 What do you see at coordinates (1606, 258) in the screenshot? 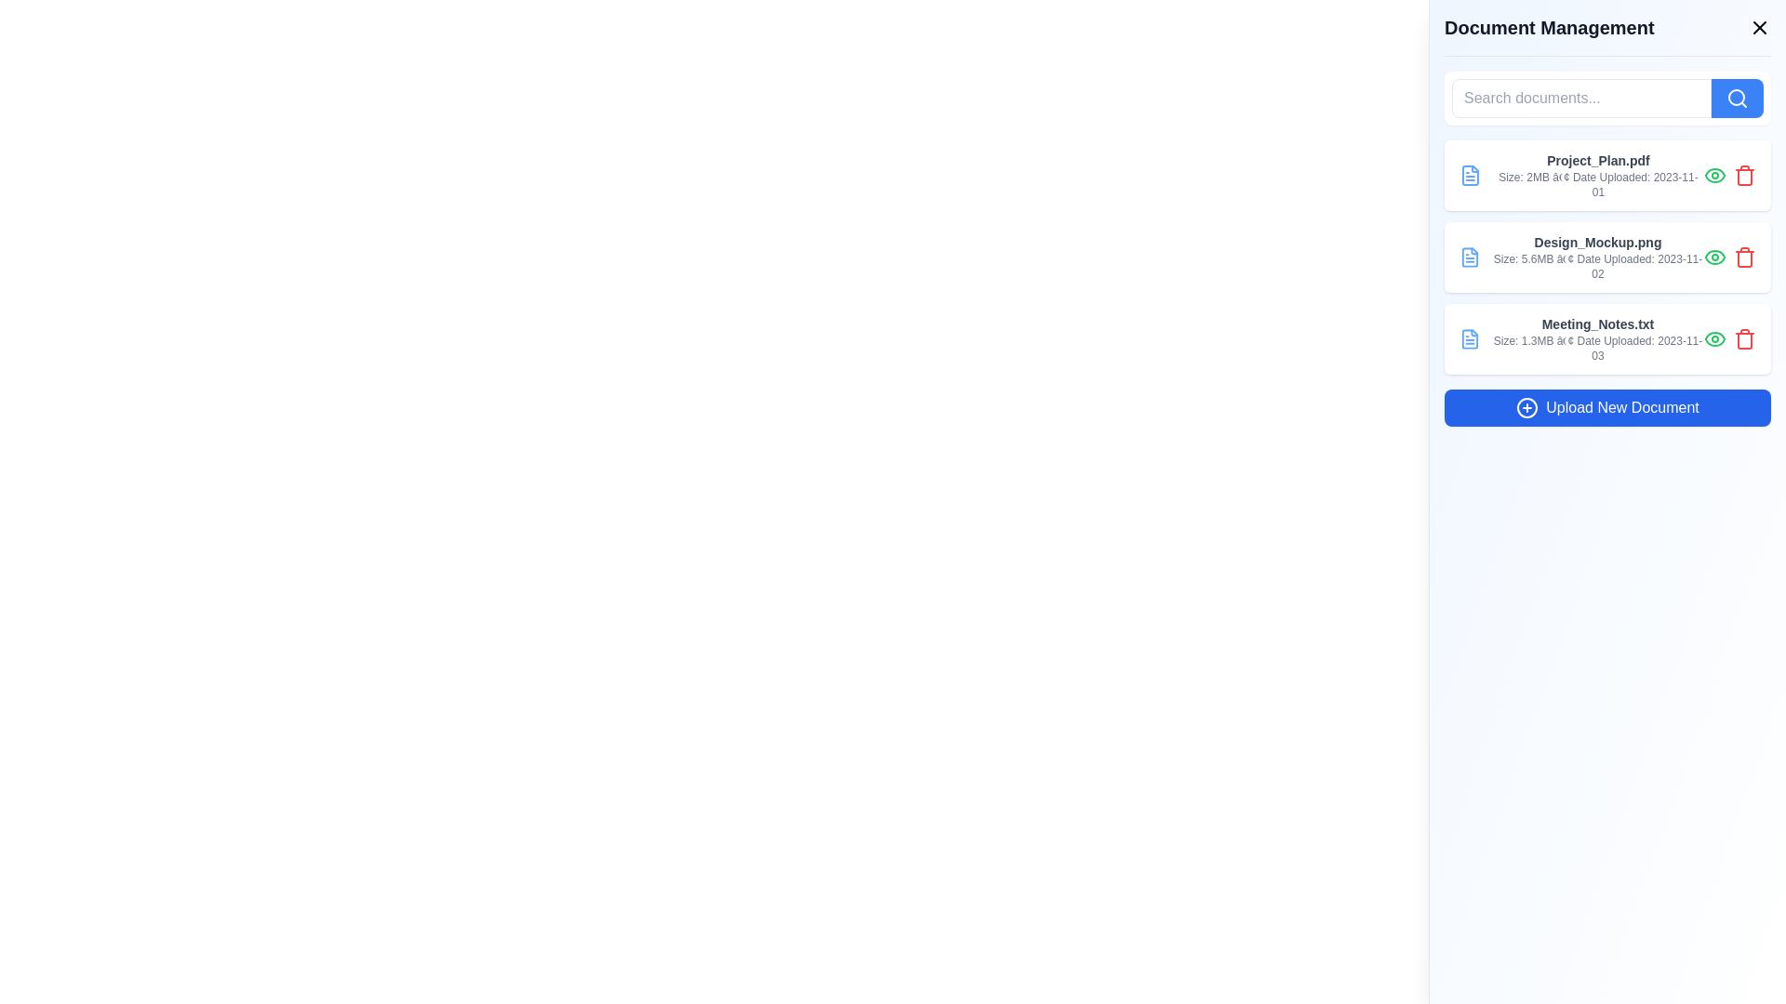
I see `the document listing item displaying 'Design_Mockup.png'` at bounding box center [1606, 258].